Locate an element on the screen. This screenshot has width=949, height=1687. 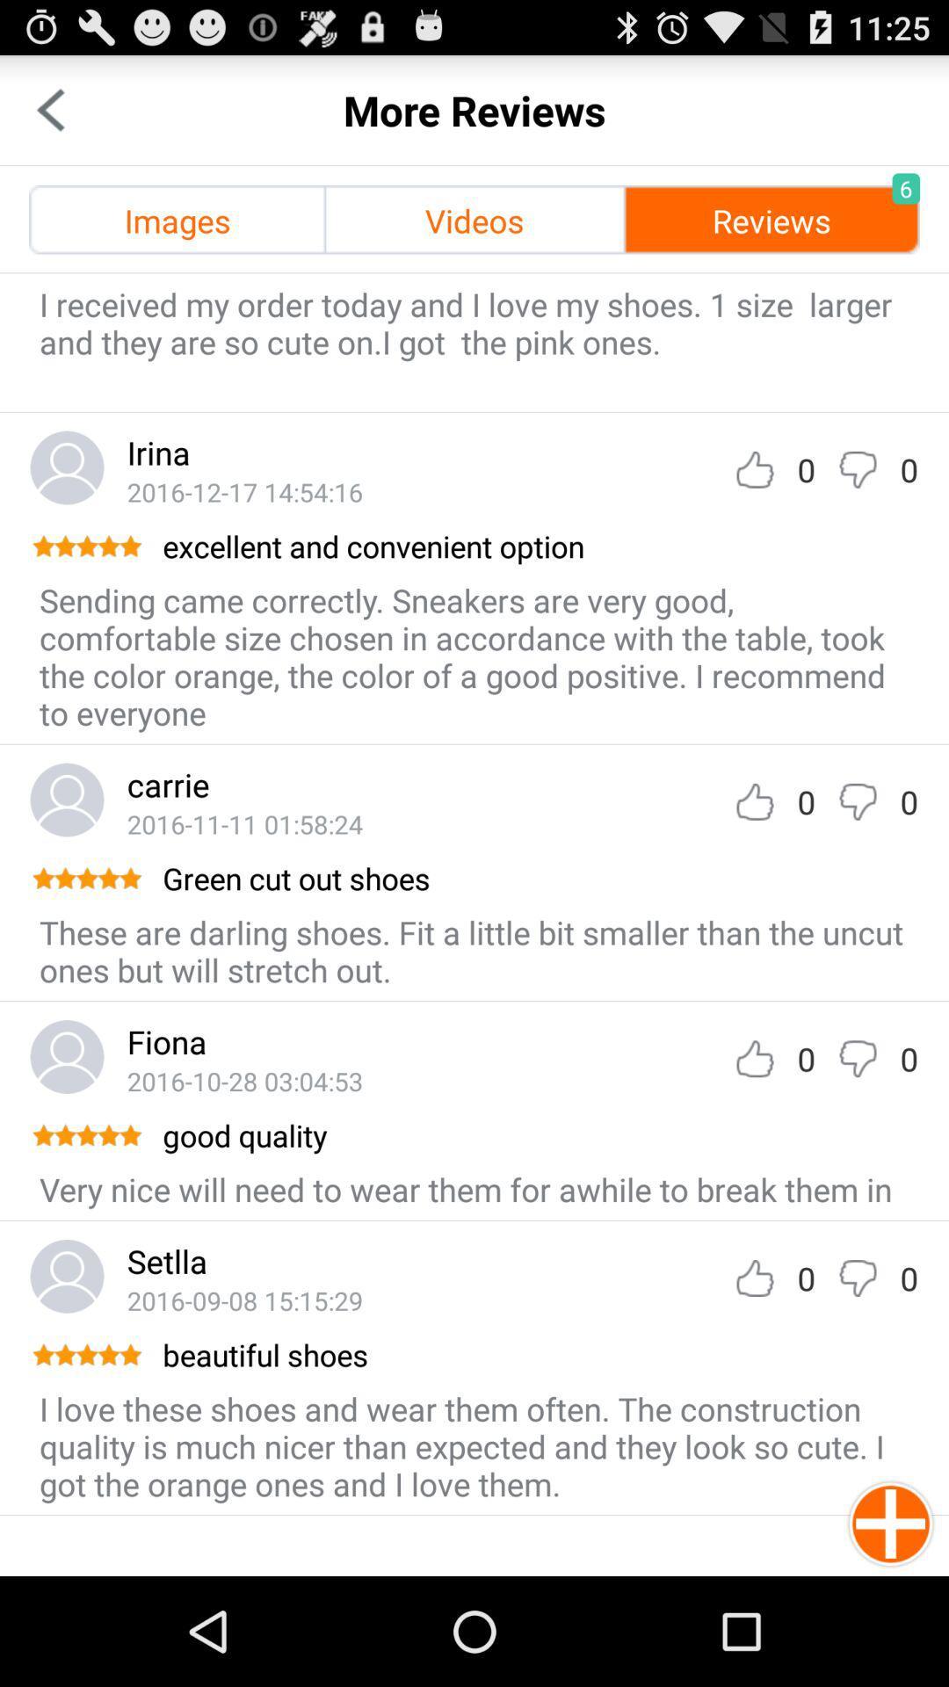
icon above the 2016 10 28 item is located at coordinates (167, 1041).